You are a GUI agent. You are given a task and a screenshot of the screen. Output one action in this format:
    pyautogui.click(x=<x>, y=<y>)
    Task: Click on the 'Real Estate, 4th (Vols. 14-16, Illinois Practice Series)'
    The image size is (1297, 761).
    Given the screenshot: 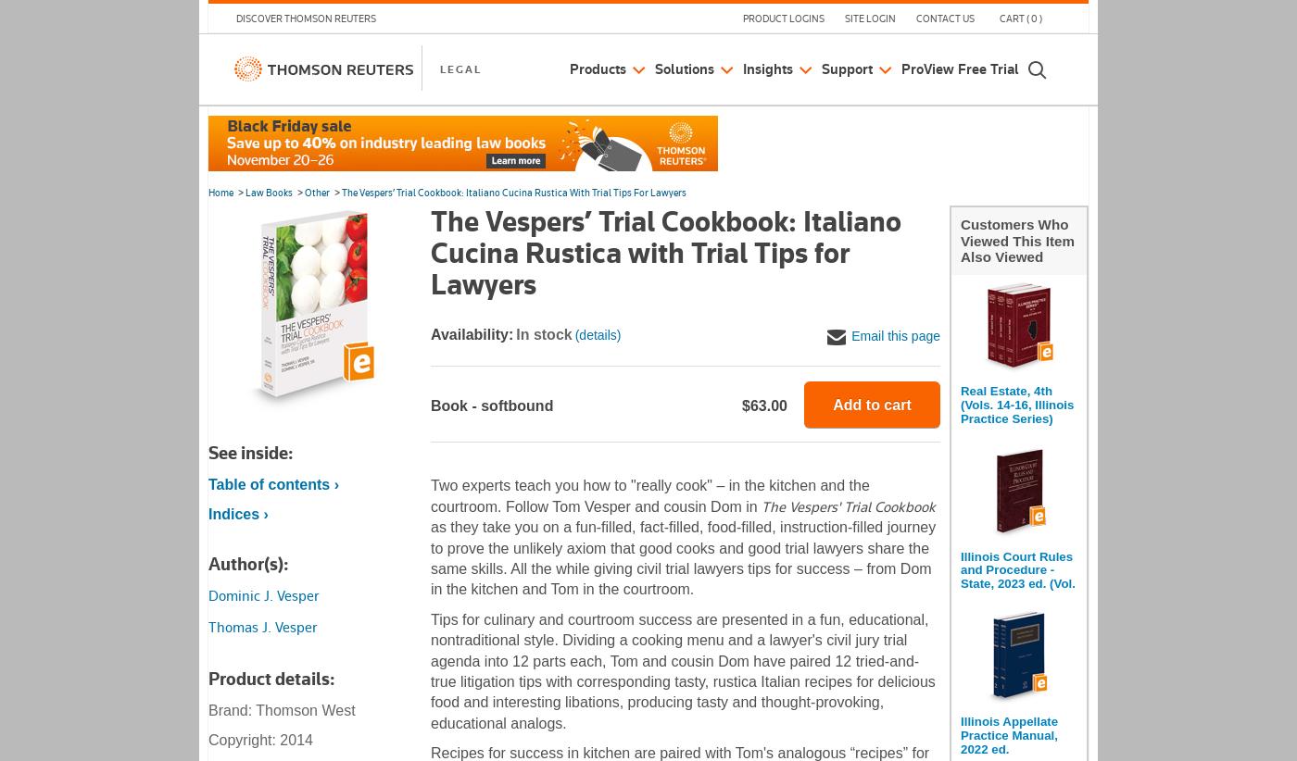 What is the action you would take?
    pyautogui.click(x=1017, y=403)
    